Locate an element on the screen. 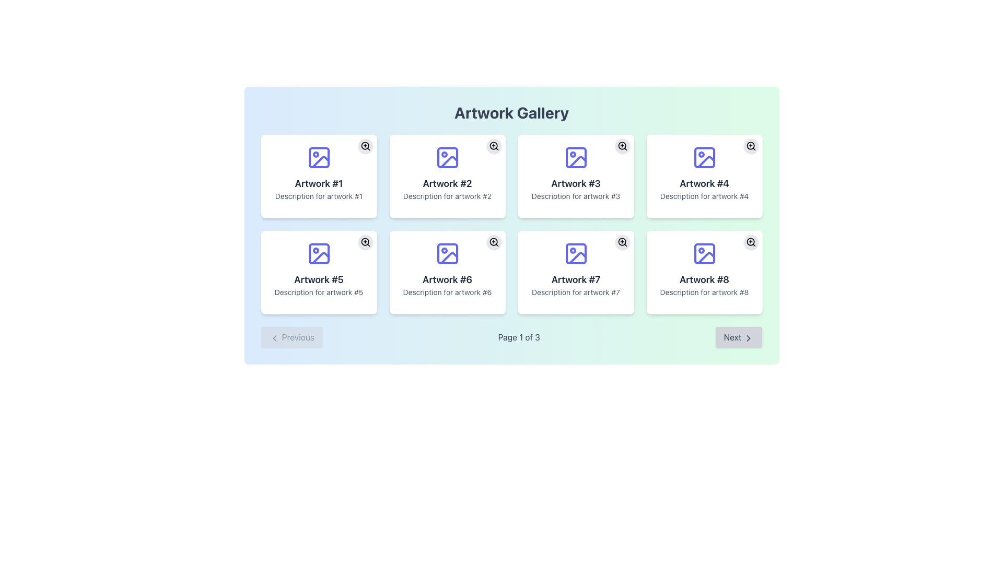 Image resolution: width=1003 pixels, height=564 pixels. the right-facing chevron arrow icon located inside the navigation button at the bottom-right corner of the interface is located at coordinates (748, 338).